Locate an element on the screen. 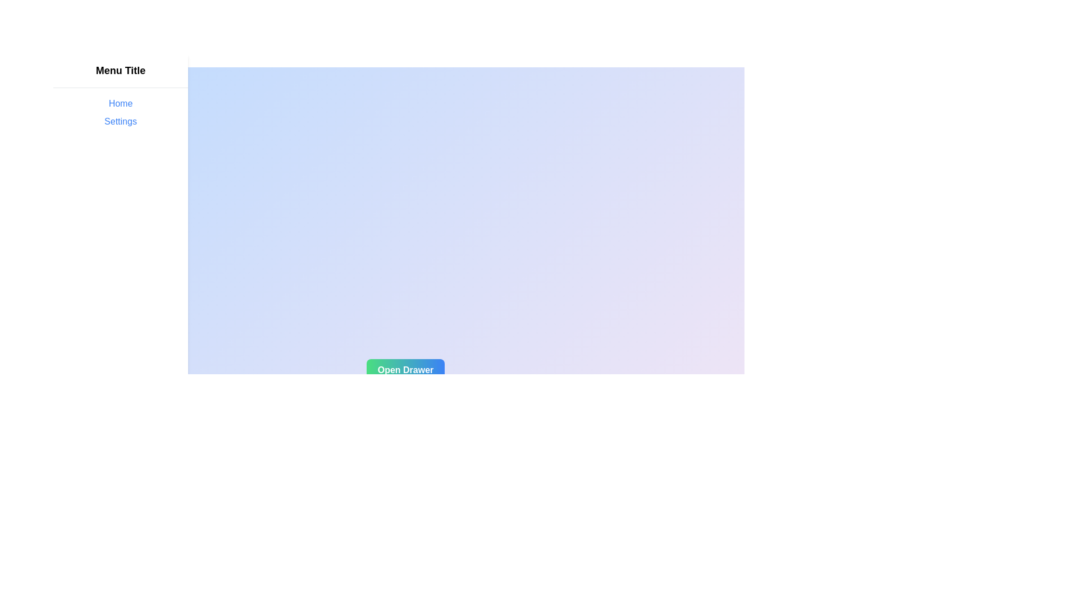  the menu item Settings is located at coordinates (121, 121).